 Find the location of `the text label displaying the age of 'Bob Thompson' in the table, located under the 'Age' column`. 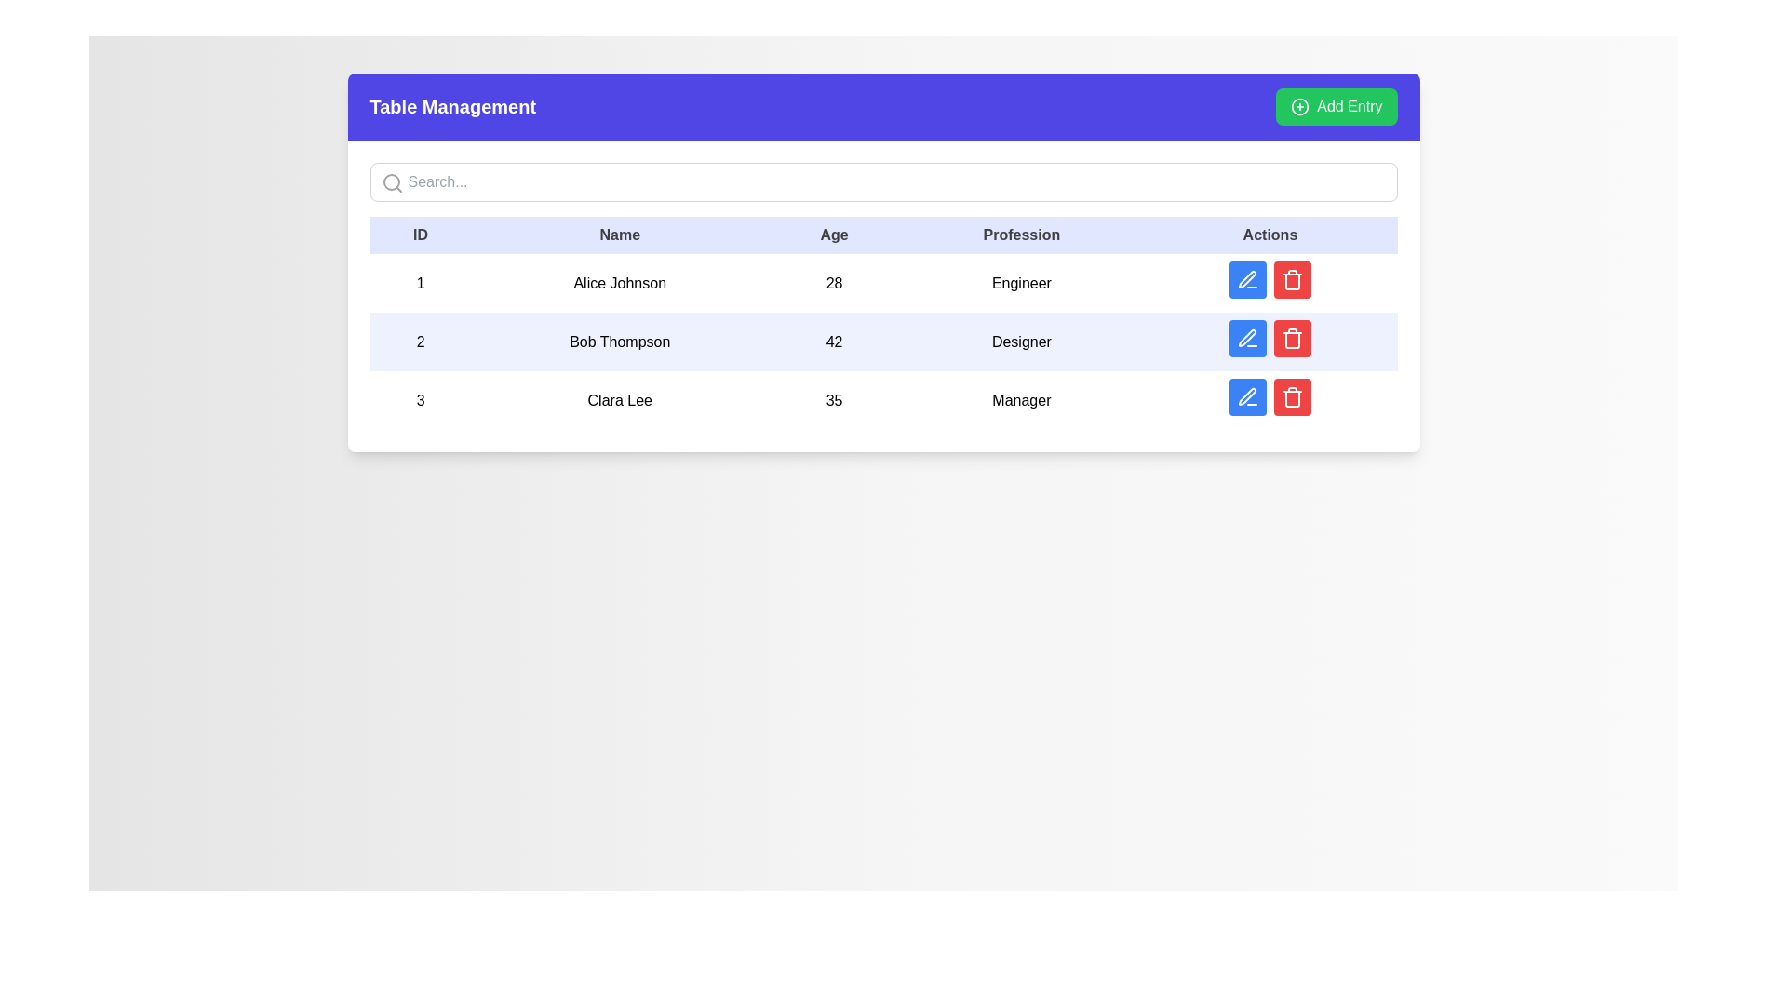

the text label displaying the age of 'Bob Thompson' in the table, located under the 'Age' column is located at coordinates (833, 342).